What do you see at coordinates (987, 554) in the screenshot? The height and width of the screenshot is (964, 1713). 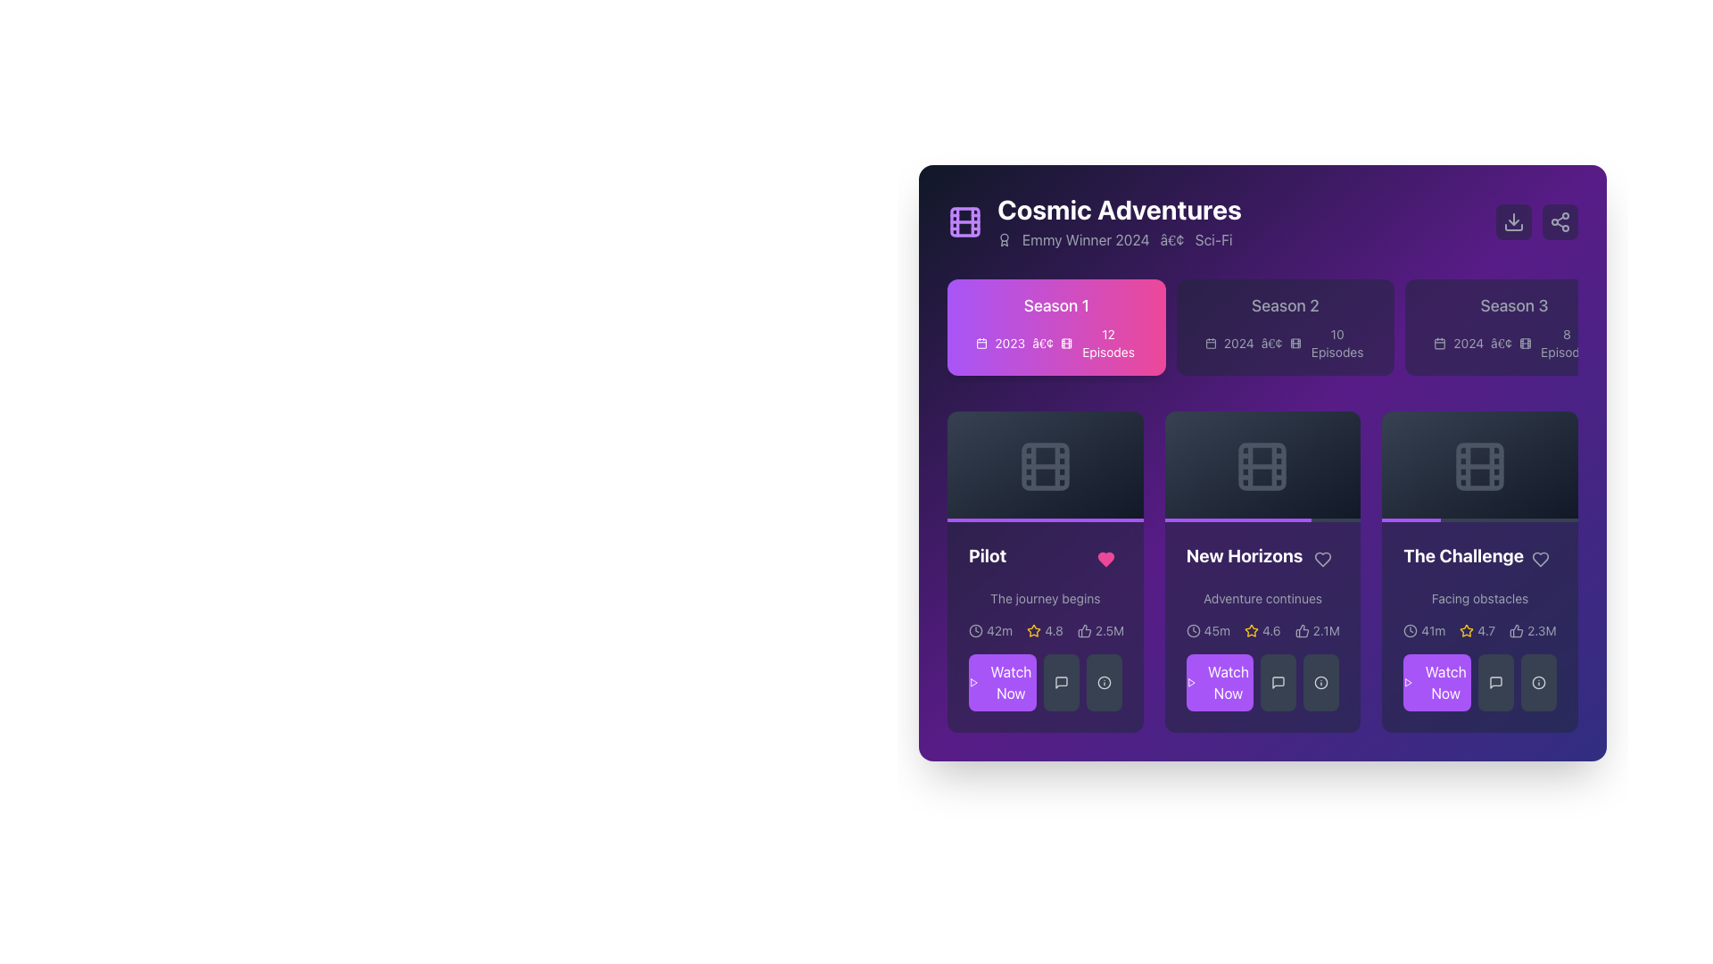 I see `the text label reading 'Pilot', which is styled with bold, white, extra-large font and is located above the phrase 'The journey begins' in the 'Cosmic Adventures' section` at bounding box center [987, 554].